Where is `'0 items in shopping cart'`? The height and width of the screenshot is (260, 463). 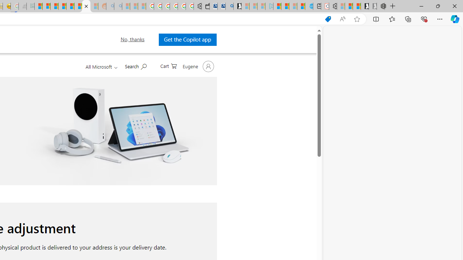 '0 items in shopping cart' is located at coordinates (168, 65).